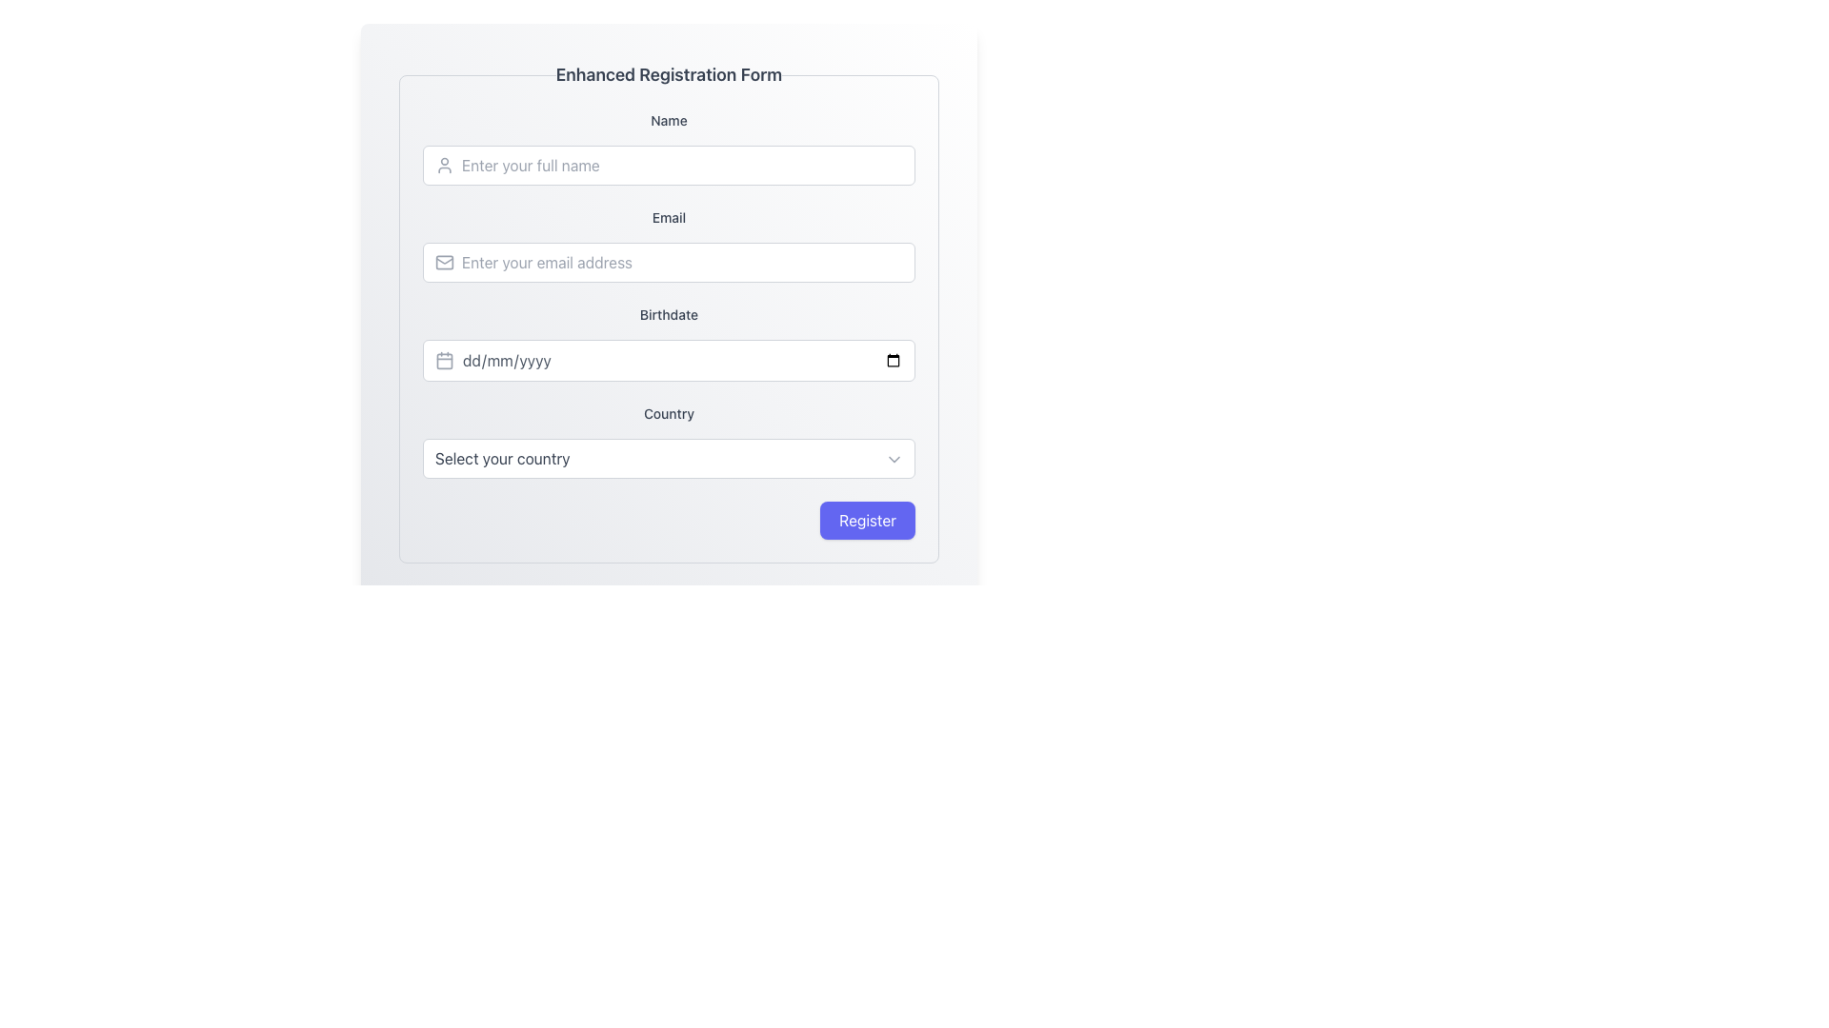 This screenshot has width=1829, height=1028. What do you see at coordinates (669, 459) in the screenshot?
I see `the dropdown menu located below the 'Country' label in the vertical form layout` at bounding box center [669, 459].